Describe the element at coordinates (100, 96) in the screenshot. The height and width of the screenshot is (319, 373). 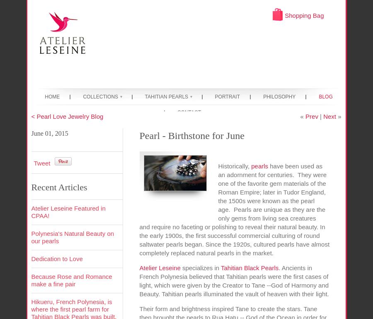
I see `'Collections'` at that location.